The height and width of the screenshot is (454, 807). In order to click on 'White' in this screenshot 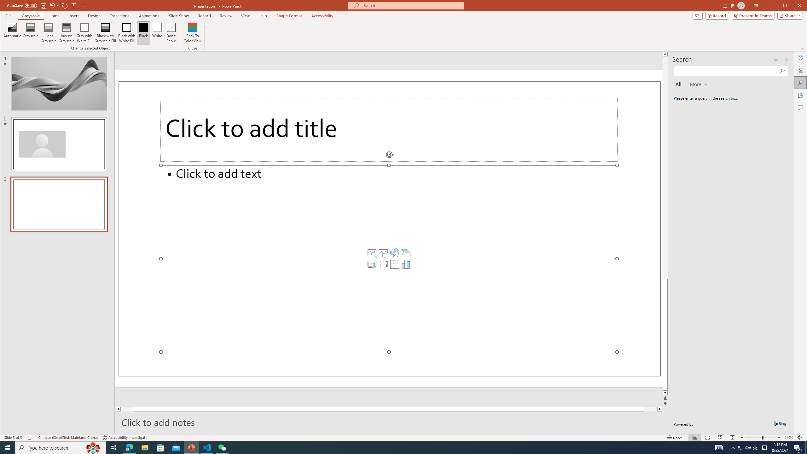, I will do `click(157, 32)`.